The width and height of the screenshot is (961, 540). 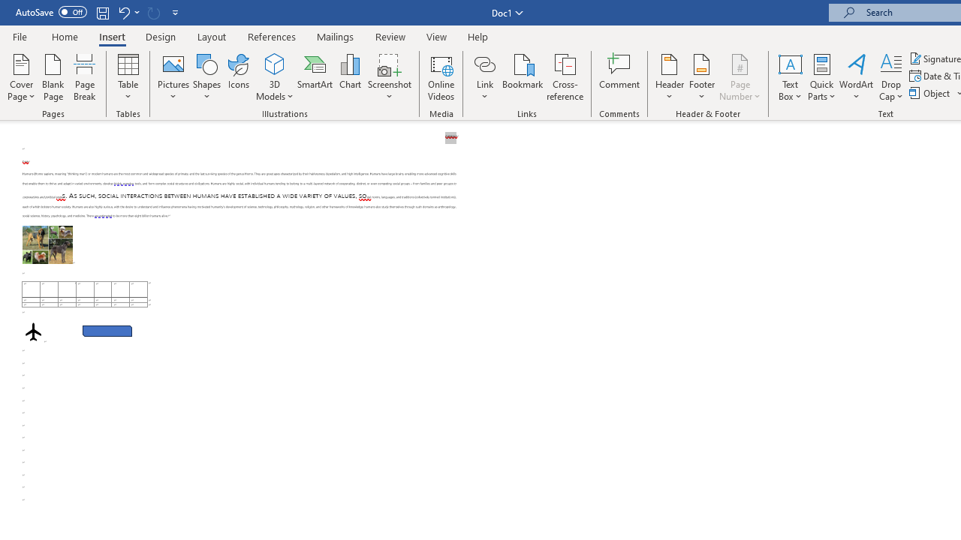 What do you see at coordinates (930, 93) in the screenshot?
I see `'Object...'` at bounding box center [930, 93].